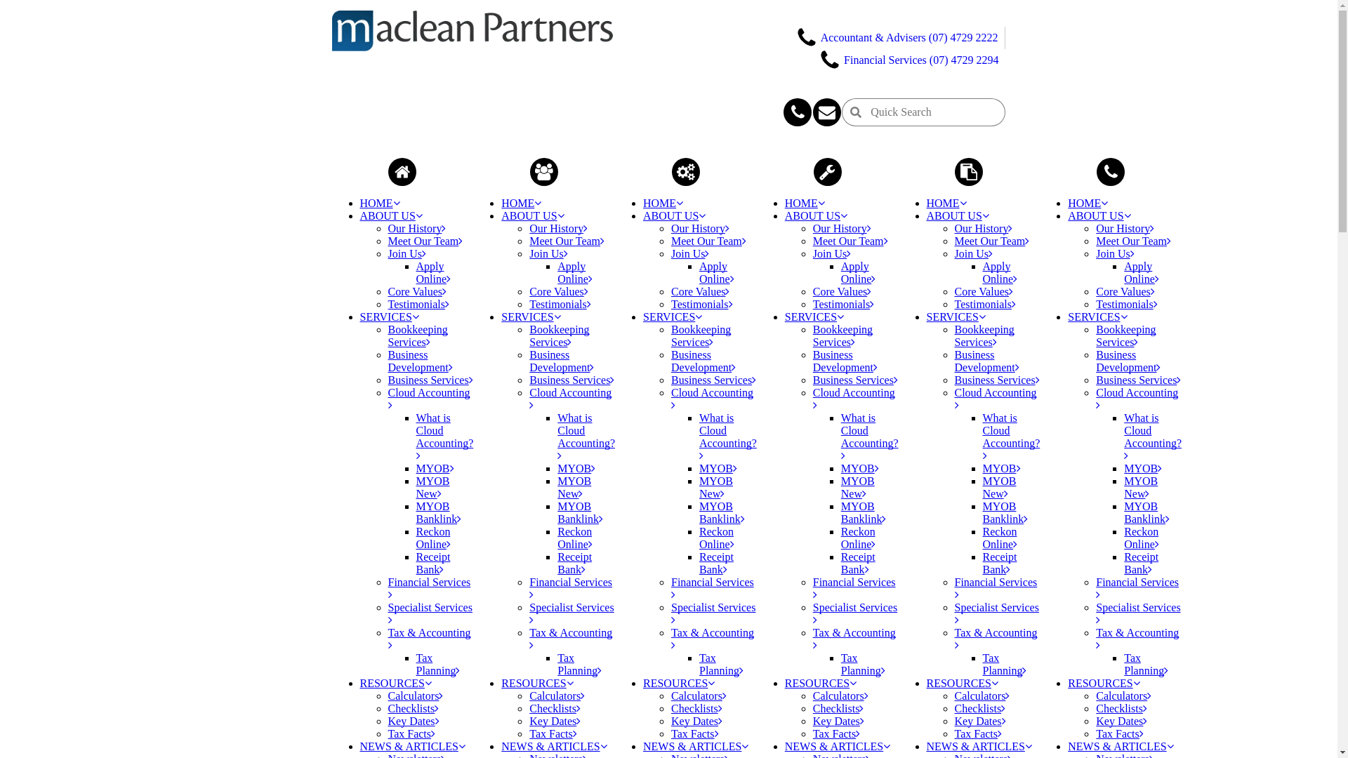 The image size is (1348, 758). Describe the element at coordinates (812, 111) in the screenshot. I see `'contact_maclean_partners/contact_us'` at that location.